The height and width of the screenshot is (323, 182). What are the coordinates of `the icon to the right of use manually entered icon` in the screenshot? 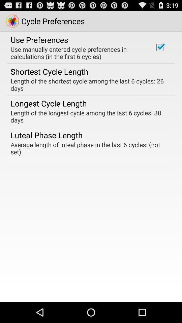 It's located at (159, 47).